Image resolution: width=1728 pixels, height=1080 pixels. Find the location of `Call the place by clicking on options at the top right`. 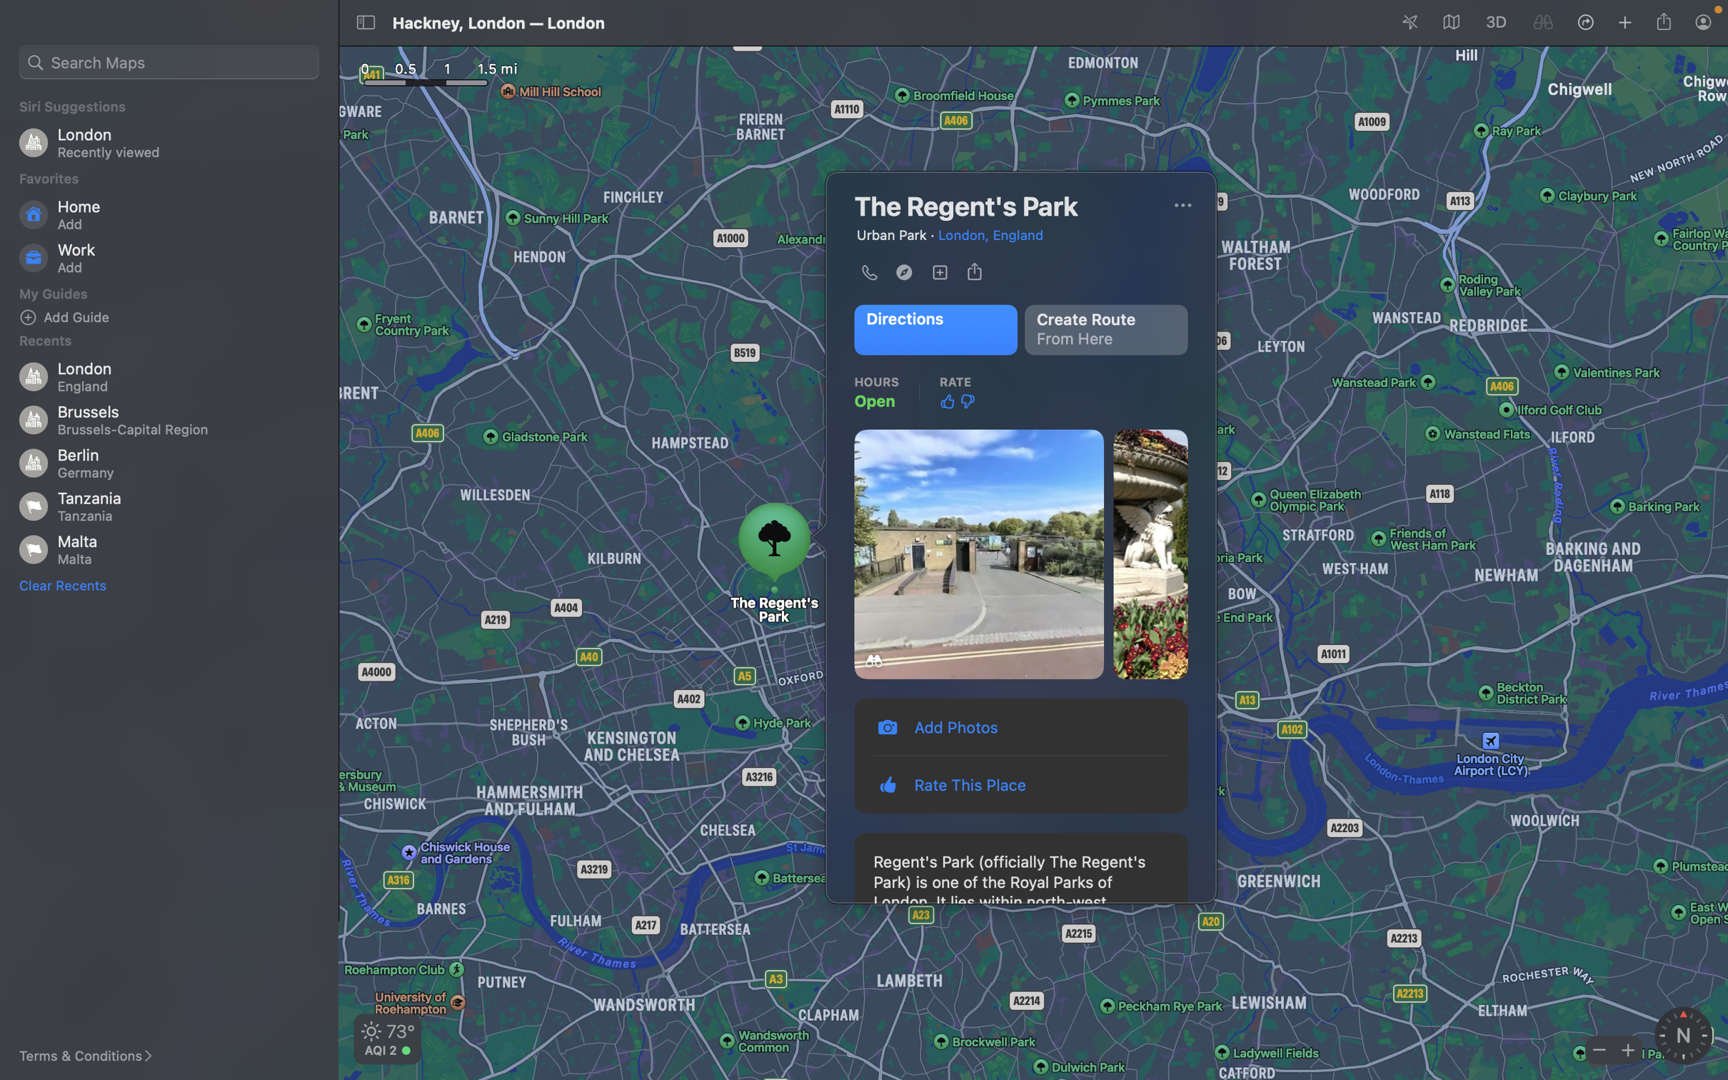

Call the place by clicking on options at the top right is located at coordinates (1182, 205).